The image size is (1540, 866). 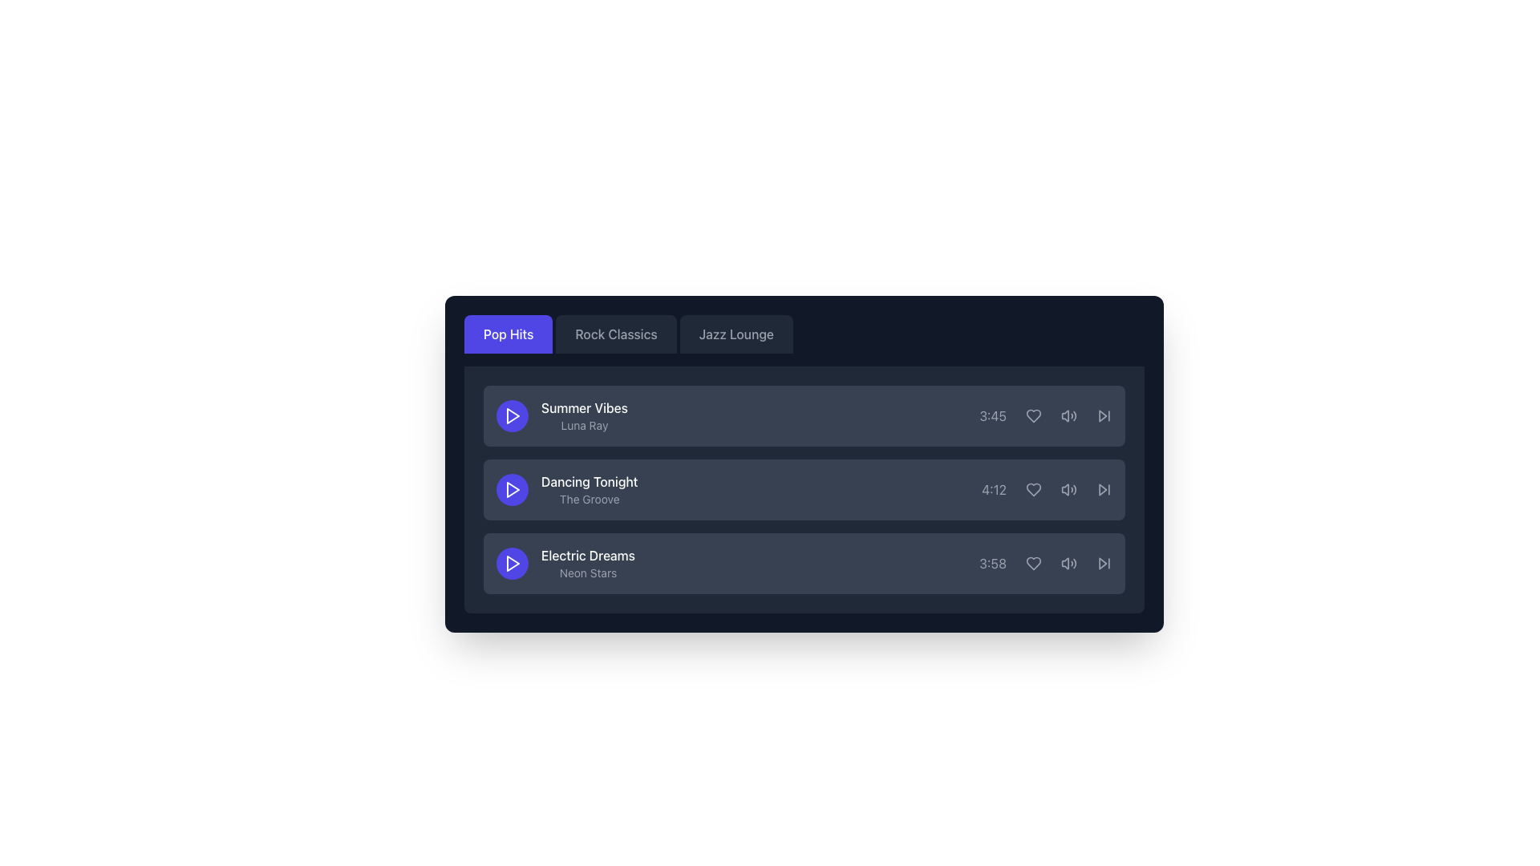 I want to click on the second item in the list of songs, so click(x=804, y=488).